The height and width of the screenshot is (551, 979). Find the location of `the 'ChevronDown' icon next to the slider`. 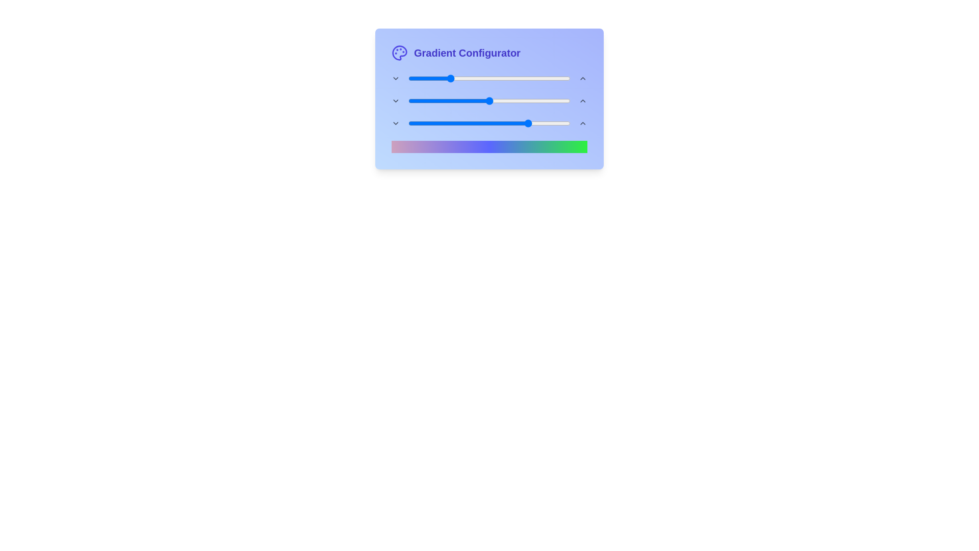

the 'ChevronDown' icon next to the slider is located at coordinates (395, 78).